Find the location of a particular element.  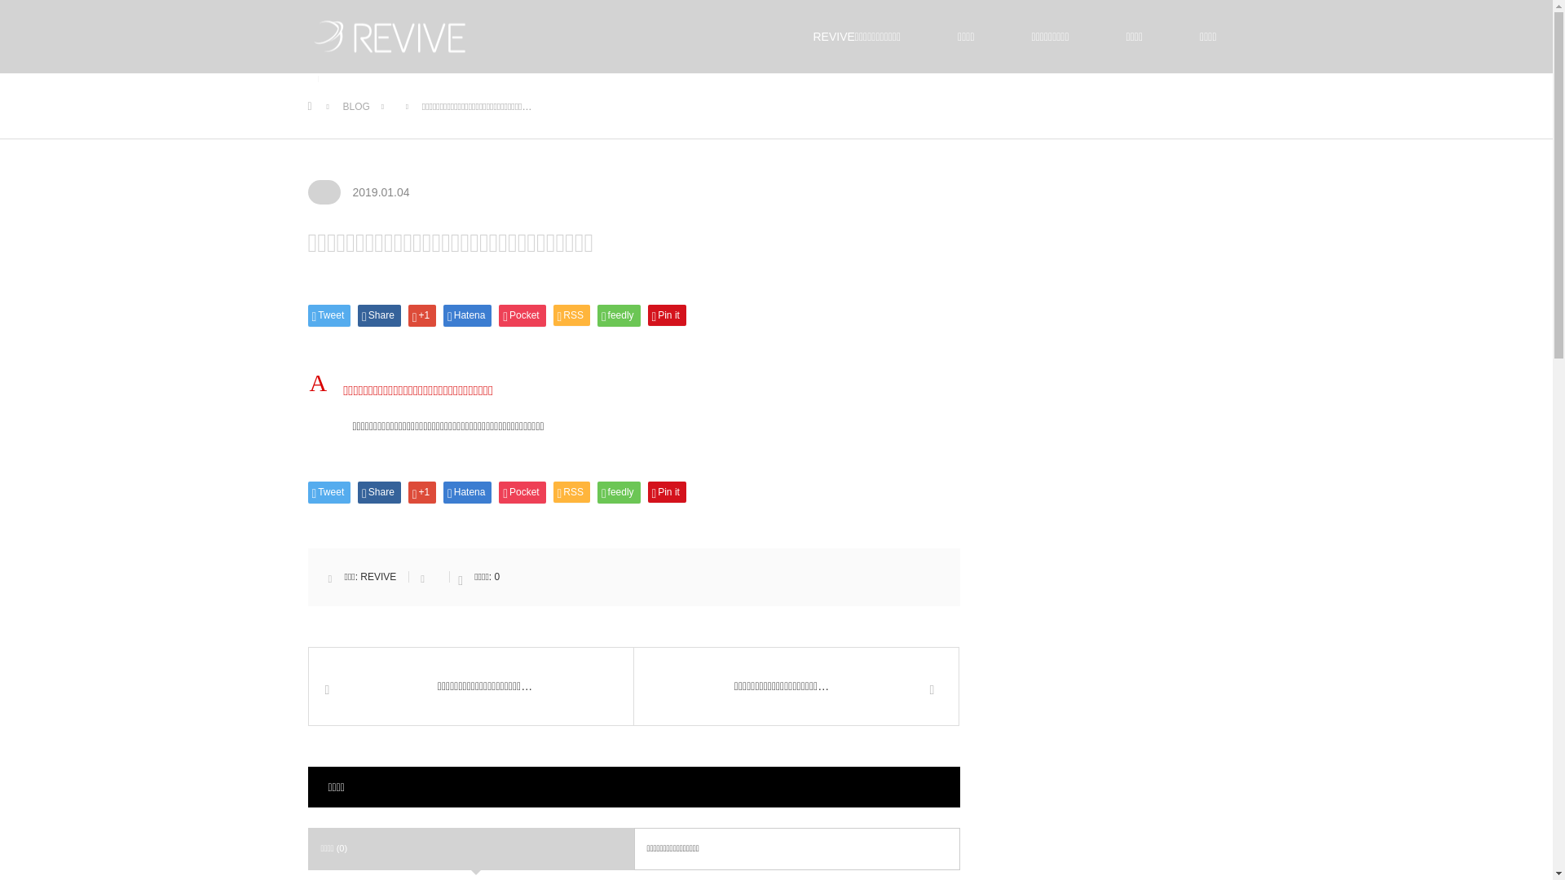

'0' is located at coordinates (496, 576).